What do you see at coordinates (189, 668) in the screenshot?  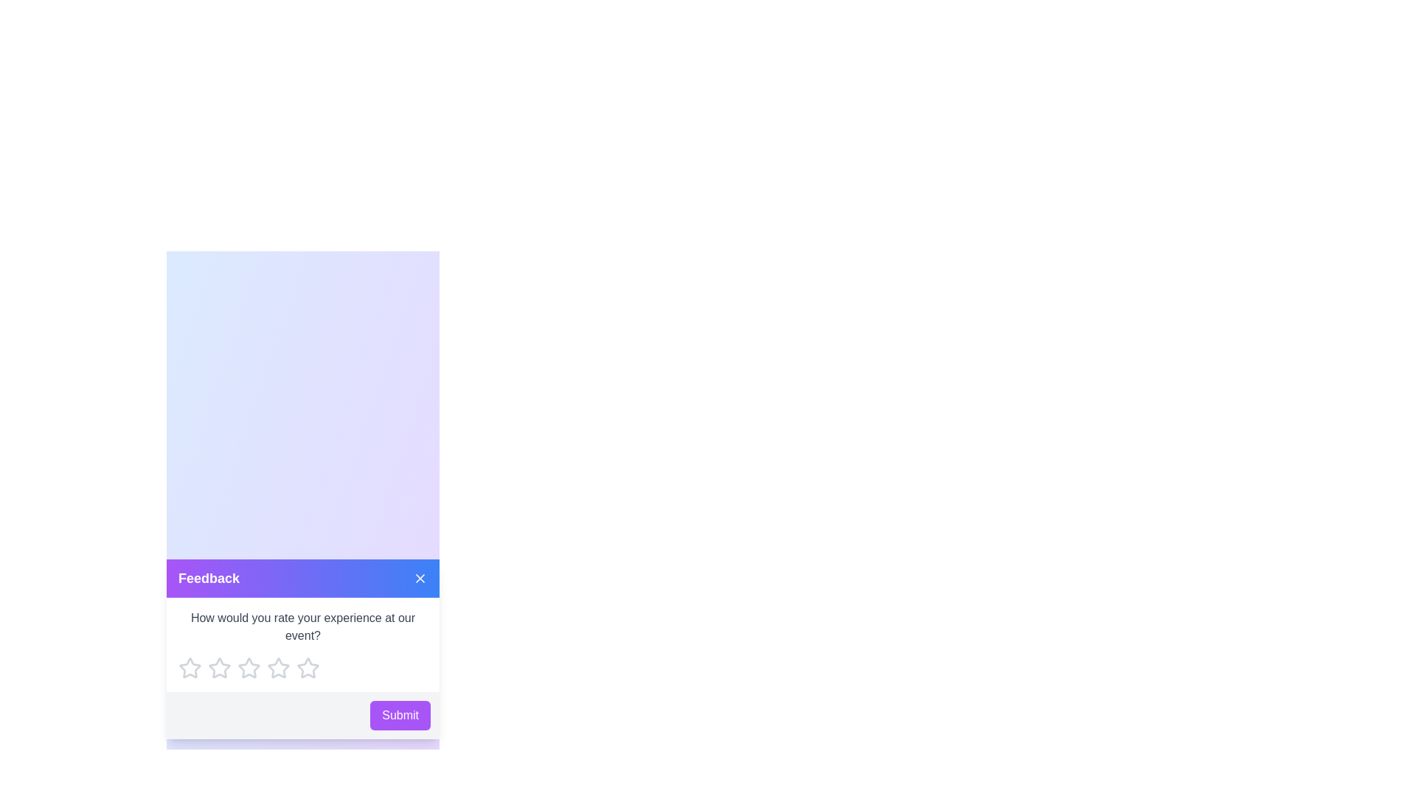 I see `the first rating star icon` at bounding box center [189, 668].